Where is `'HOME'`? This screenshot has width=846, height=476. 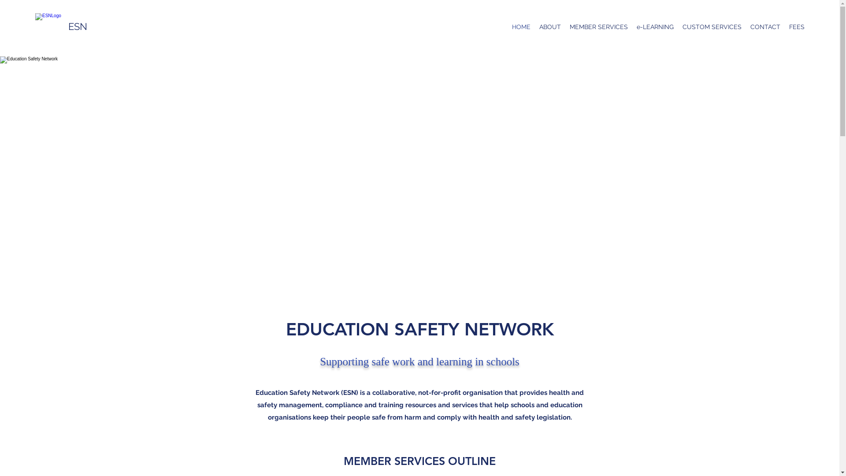 'HOME' is located at coordinates (521, 26).